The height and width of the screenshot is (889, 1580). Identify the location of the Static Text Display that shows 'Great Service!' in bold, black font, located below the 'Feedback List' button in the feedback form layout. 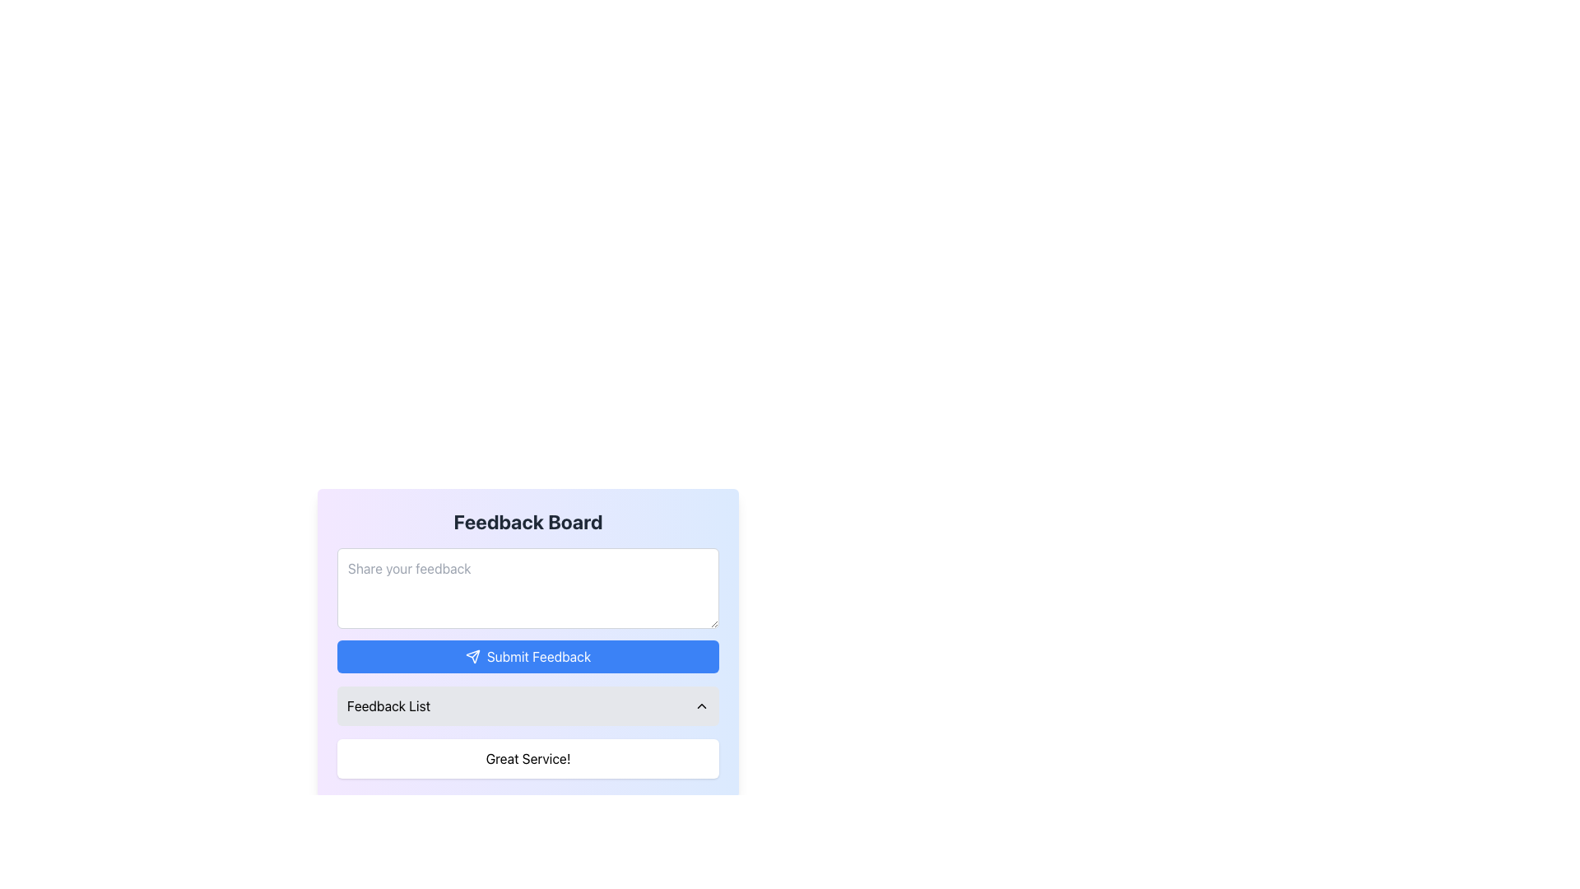
(528, 758).